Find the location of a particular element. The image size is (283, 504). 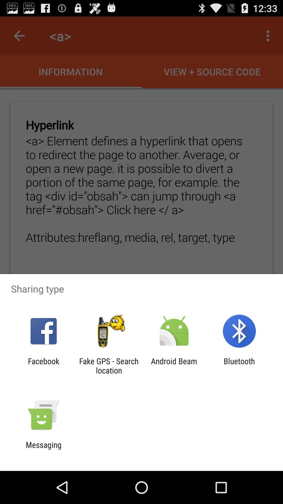

the fake gps search is located at coordinates (108, 365).